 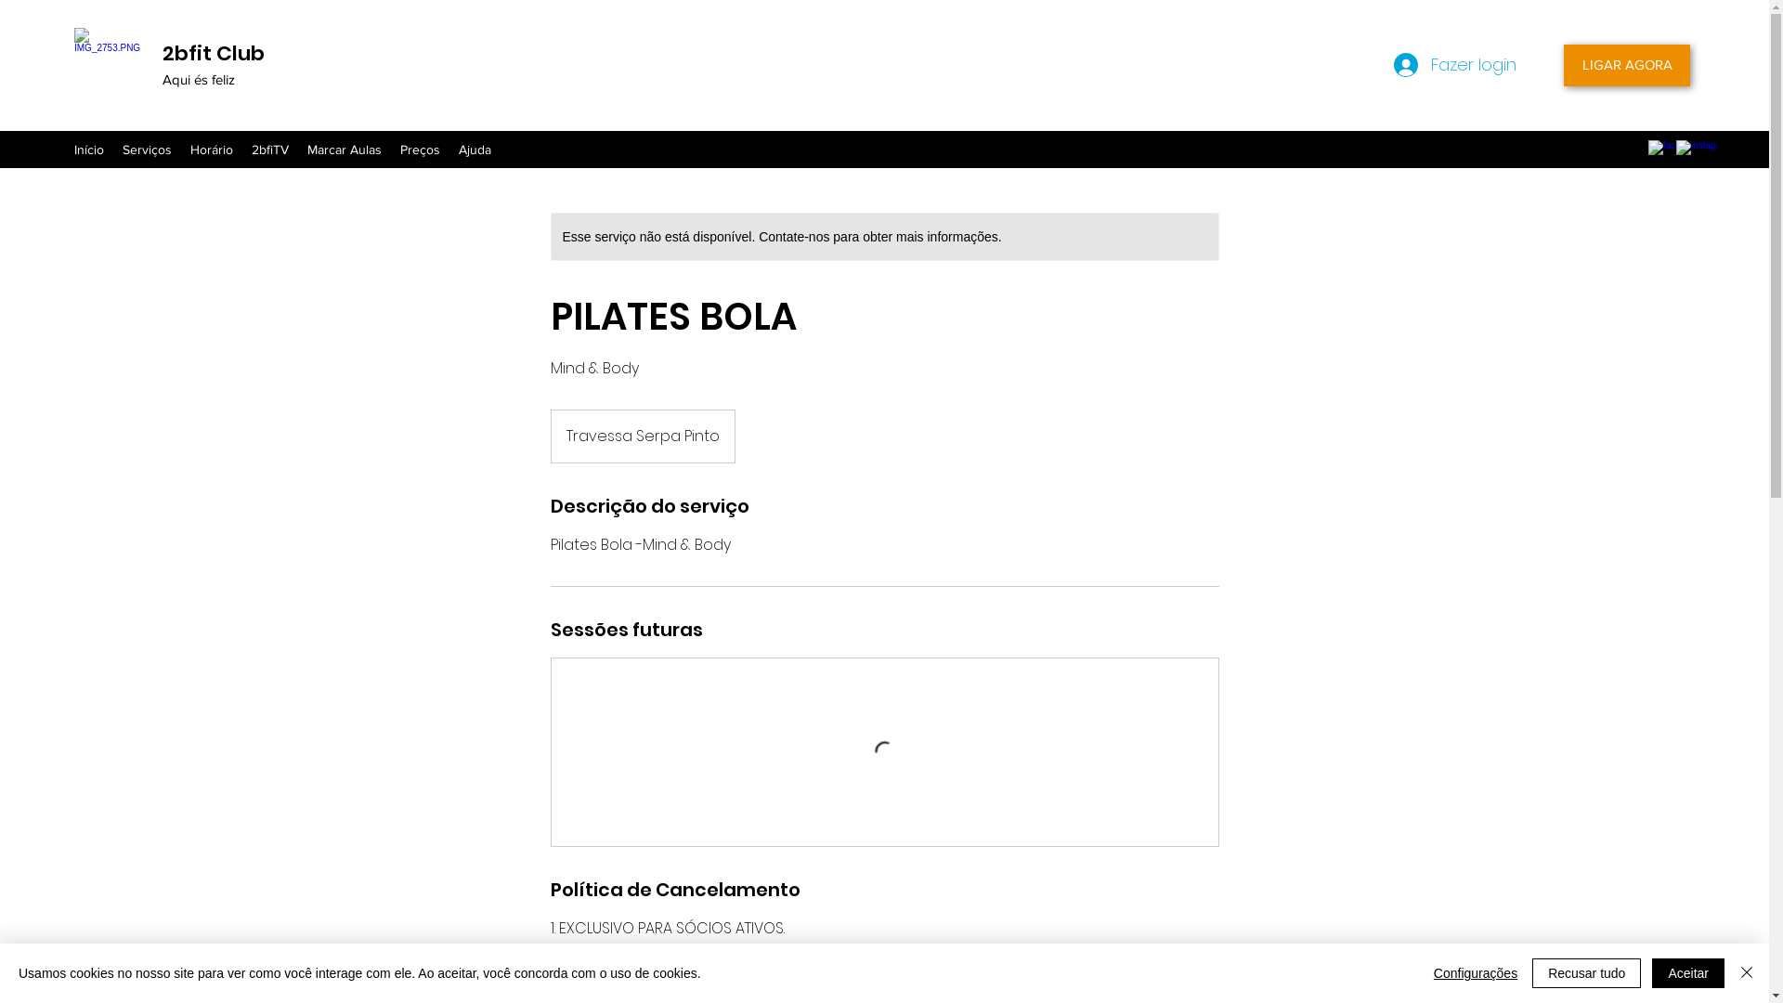 I want to click on 'Ajuda', so click(x=475, y=149).